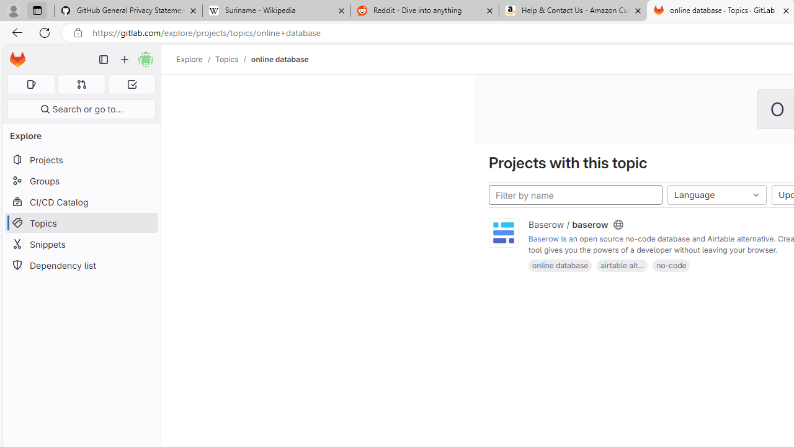 This screenshot has height=447, width=794. Describe the element at coordinates (575, 195) in the screenshot. I see `'Filter by name'` at that location.